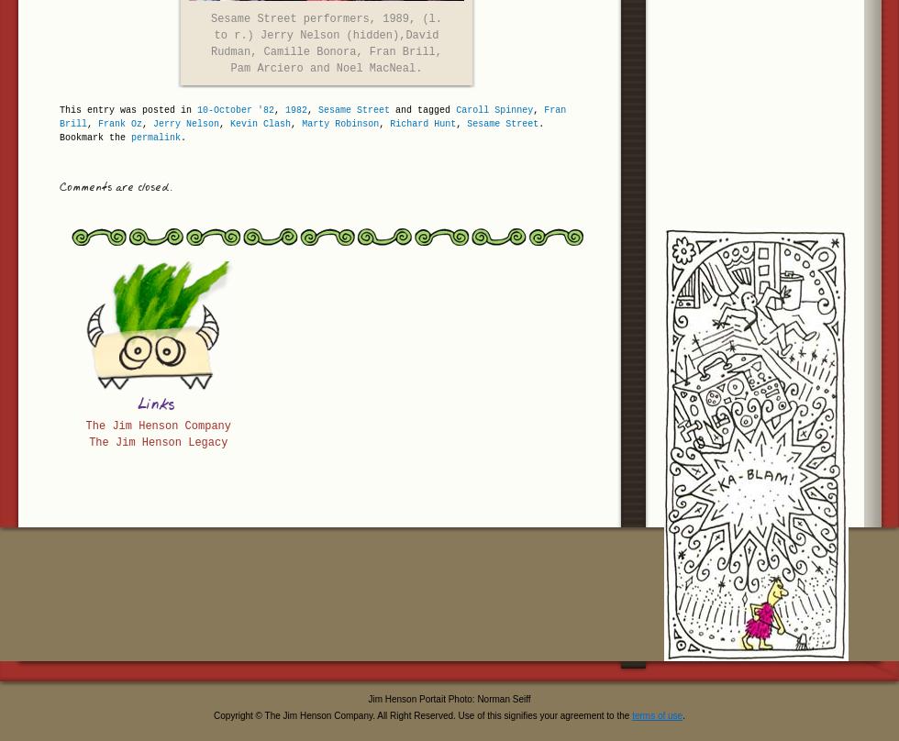  Describe the element at coordinates (326, 43) in the screenshot. I see `'Sesame Street performers, 1989, (l. to r.) Jerry Nelson (hidden),David Rudman, Camille Bonora, Fran Brill, Pam Arciero and Noel MacNeal.'` at that location.